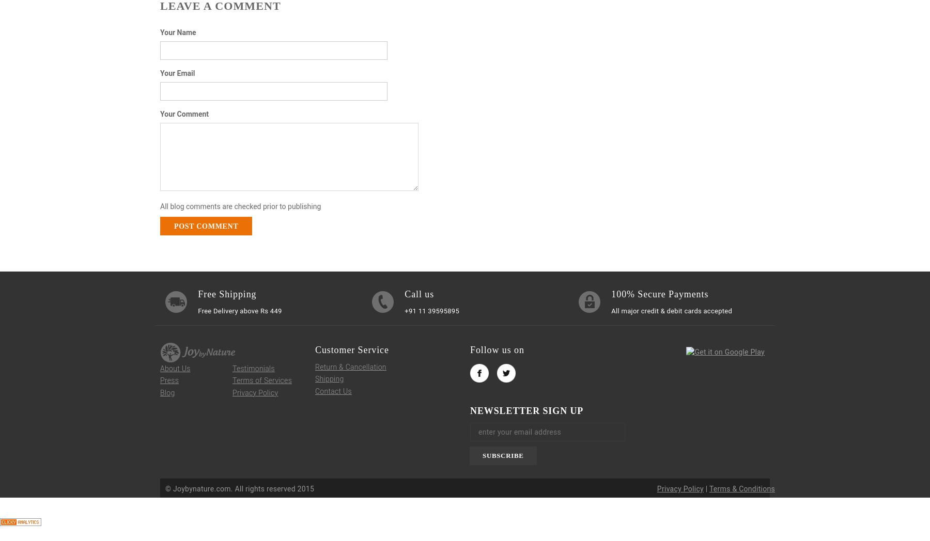 The width and height of the screenshot is (930, 541). What do you see at coordinates (671, 310) in the screenshot?
I see `'All major credit & debit cards accepted'` at bounding box center [671, 310].